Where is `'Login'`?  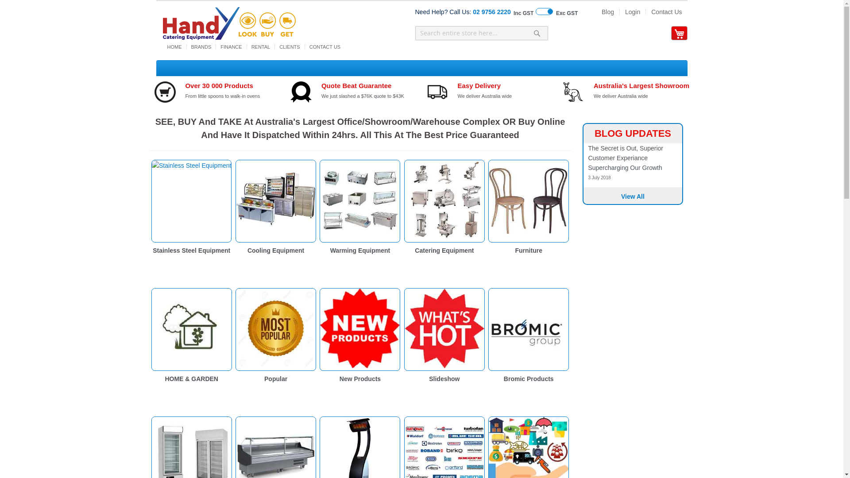
'Login' is located at coordinates (619, 12).